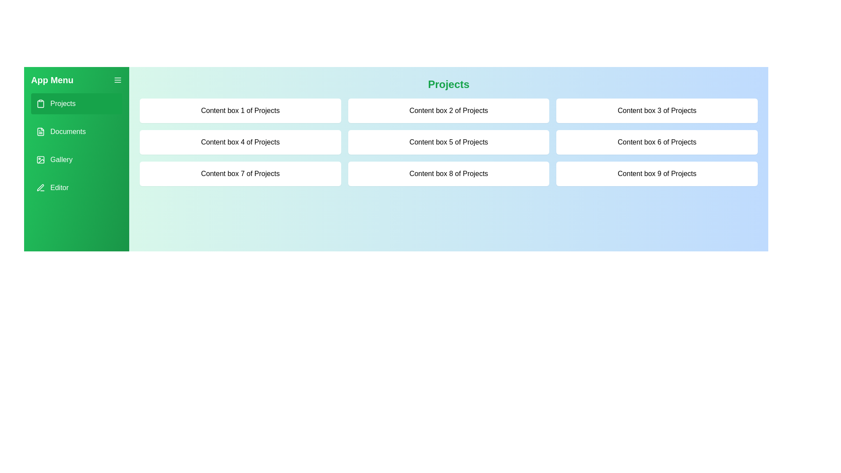  Describe the element at coordinates (76, 131) in the screenshot. I see `the section Documents from the menu` at that location.